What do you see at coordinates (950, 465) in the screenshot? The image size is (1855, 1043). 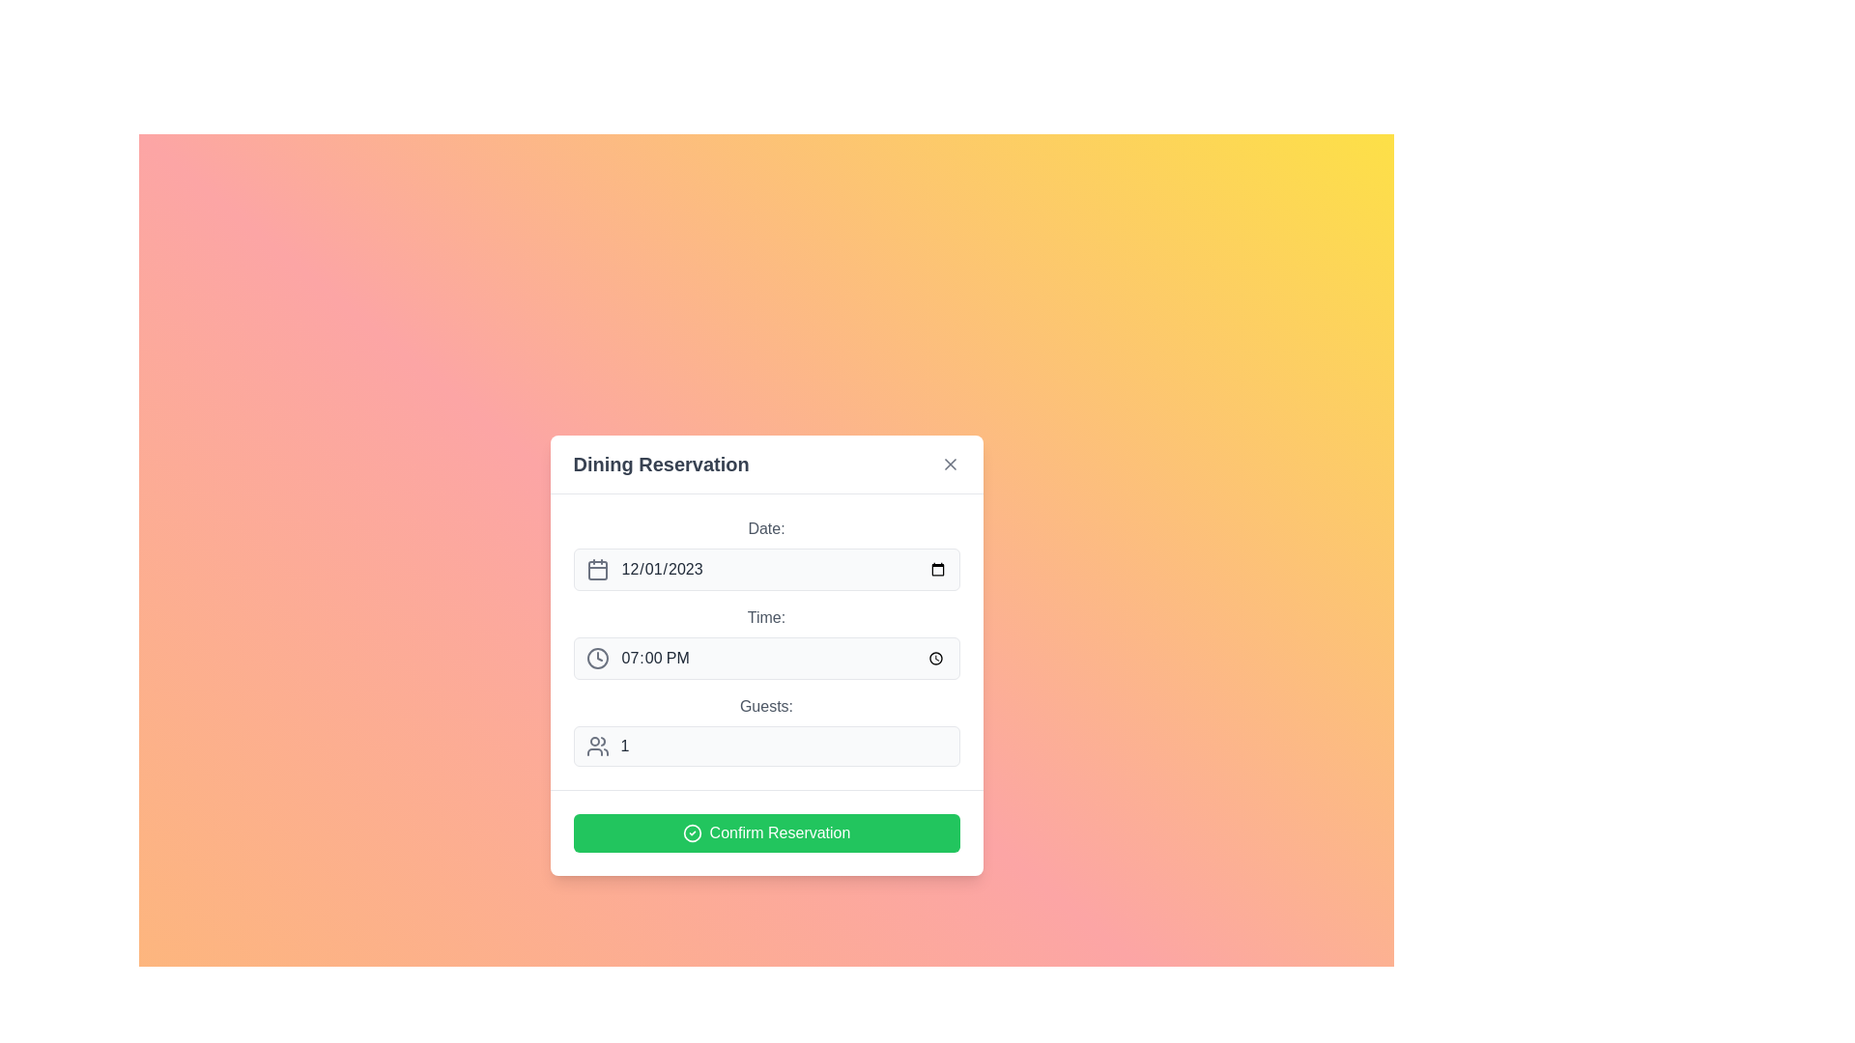 I see `the close button located in the top-right corner of the 'Dining Reservation' modal` at bounding box center [950, 465].